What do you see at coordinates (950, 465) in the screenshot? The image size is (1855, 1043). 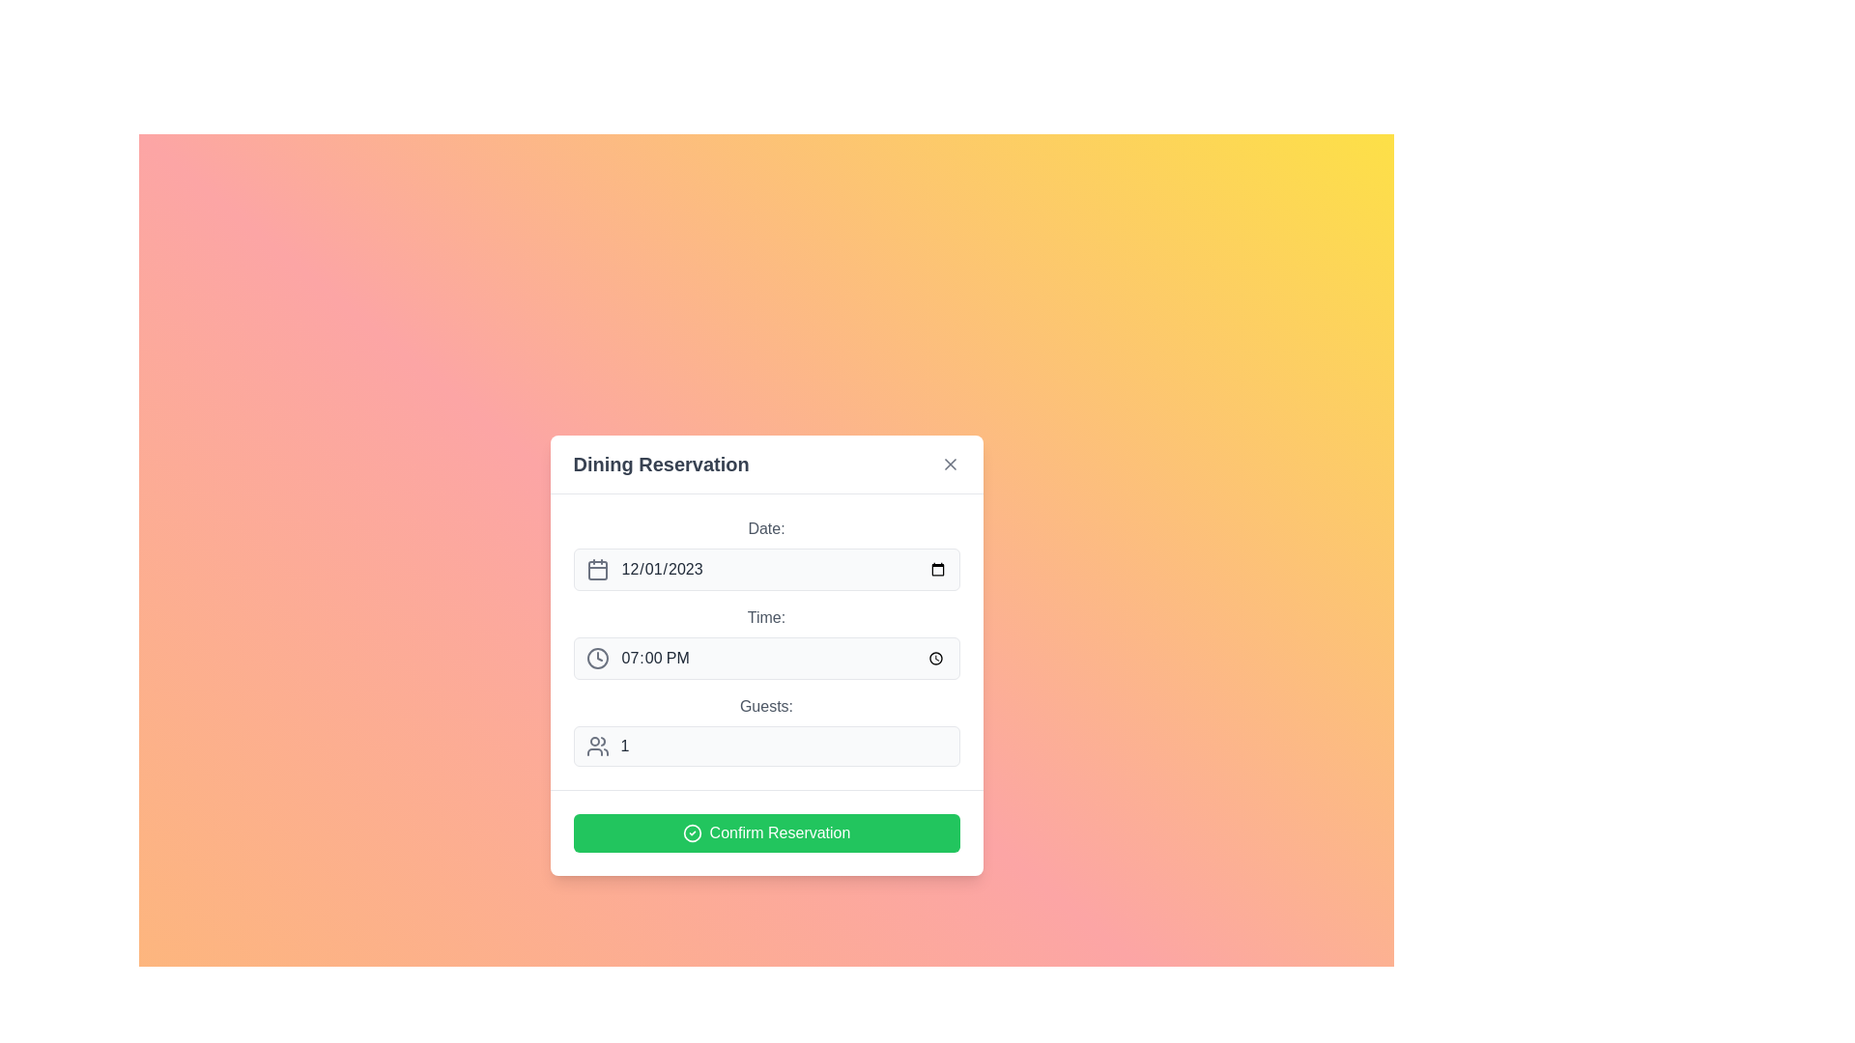 I see `the close button located in the top-right corner of the 'Dining Reservation' modal` at bounding box center [950, 465].